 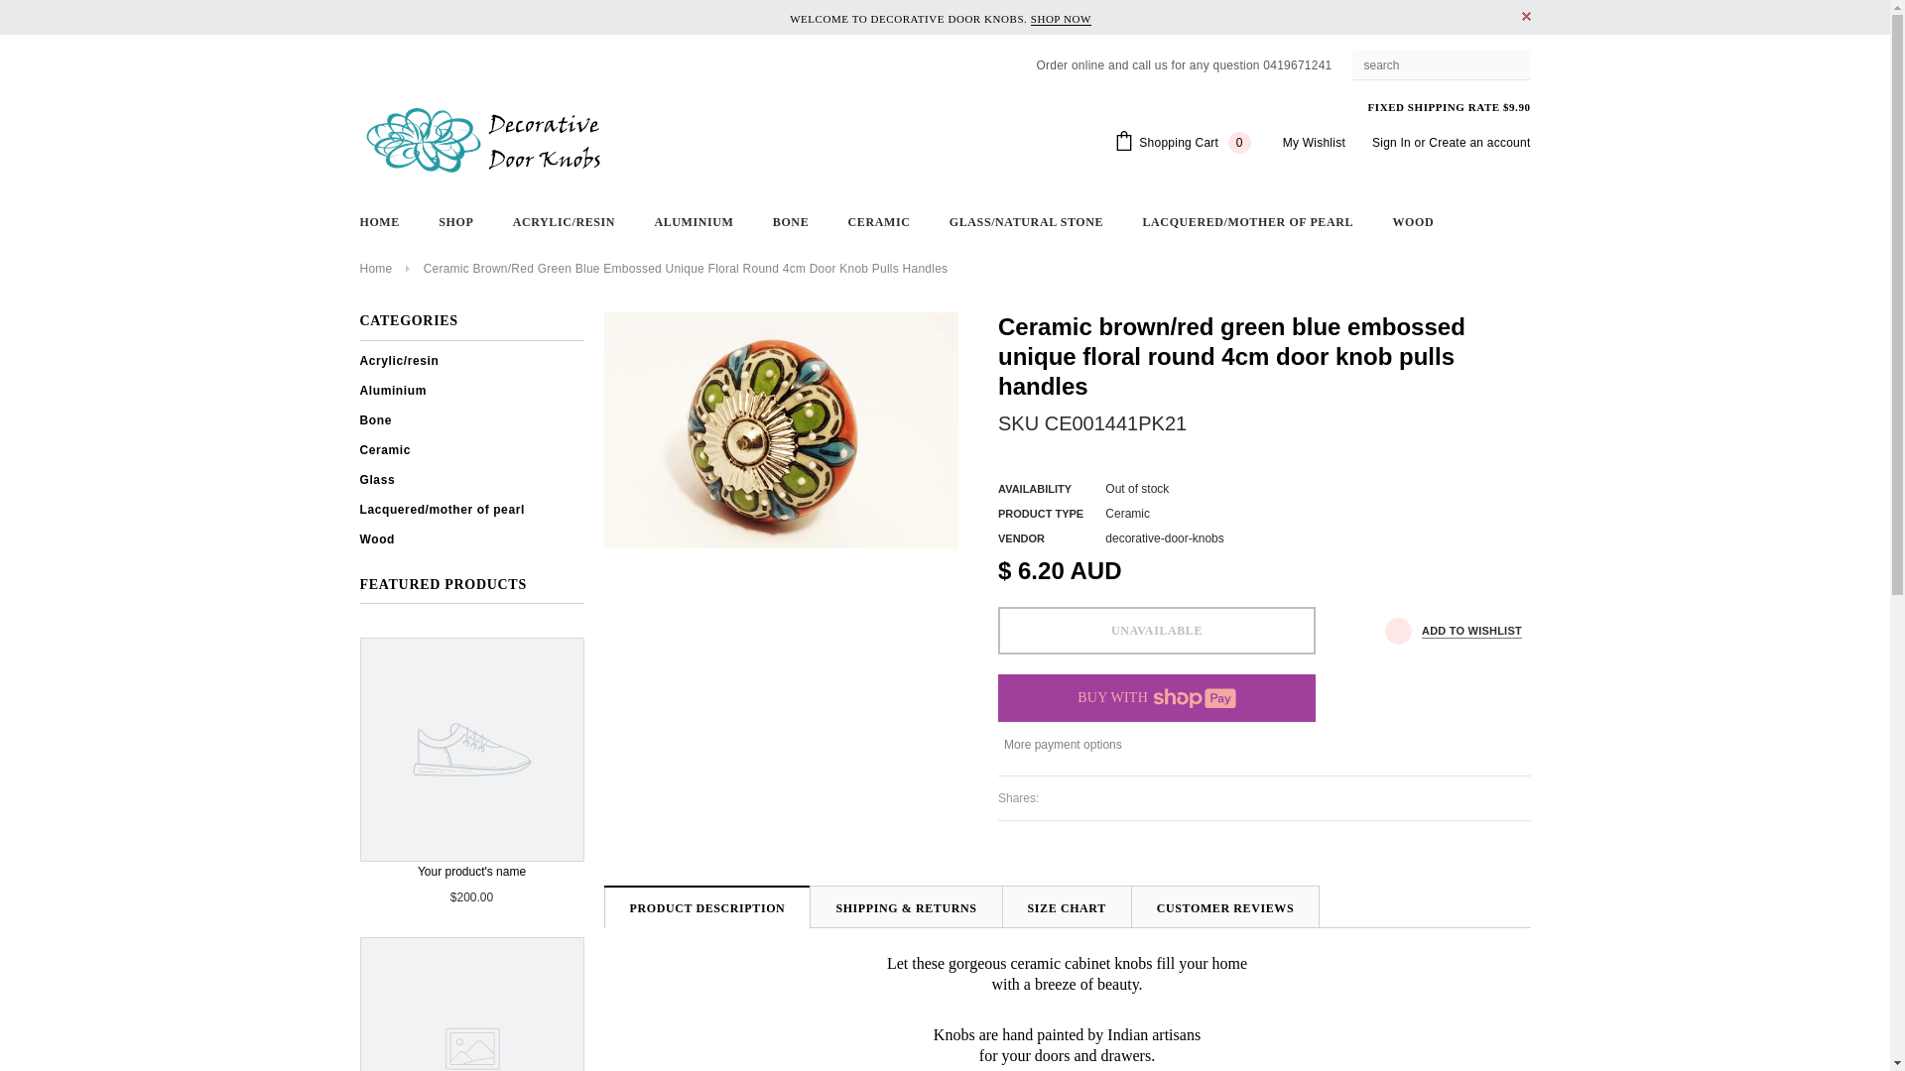 What do you see at coordinates (376, 538) in the screenshot?
I see `'Wood'` at bounding box center [376, 538].